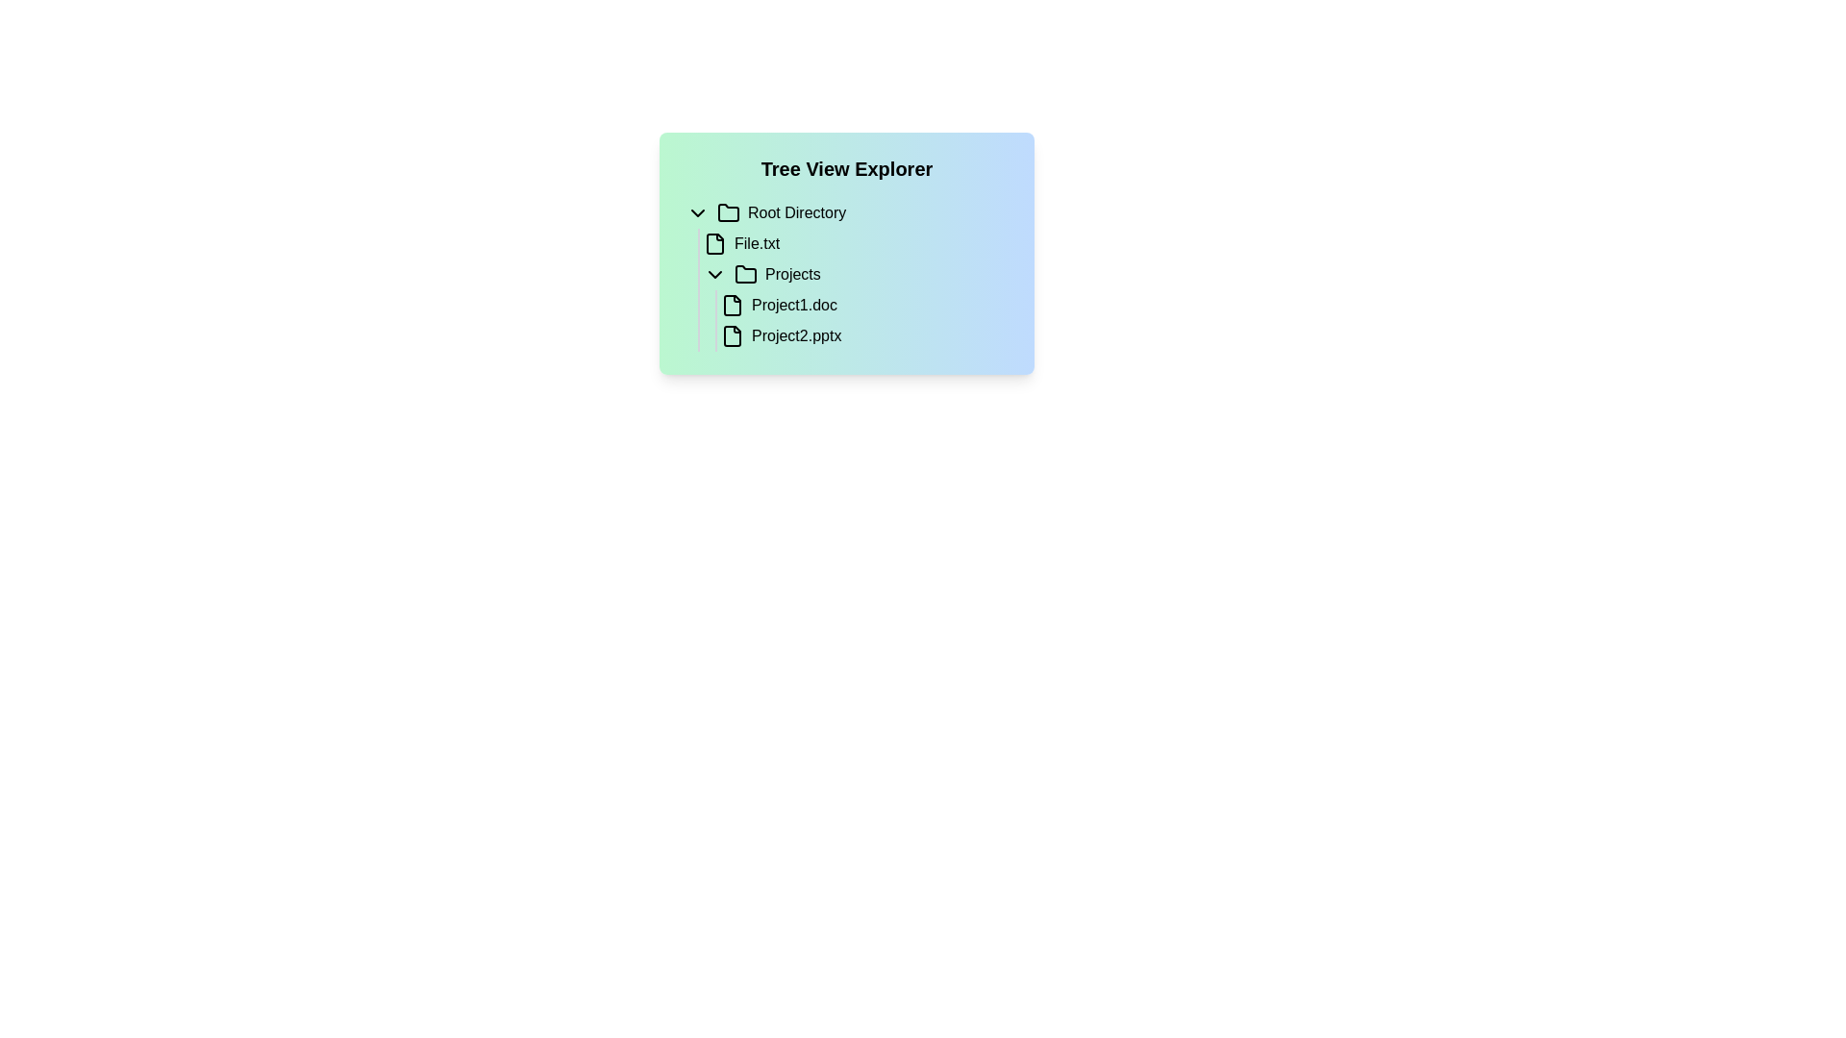 The height and width of the screenshot is (1038, 1846). Describe the element at coordinates (792, 274) in the screenshot. I see `the 'Projects' text label, which is styled in a sans-serif font and positioned to the right of a folder icon within a vertical tree-like viewer display` at that location.